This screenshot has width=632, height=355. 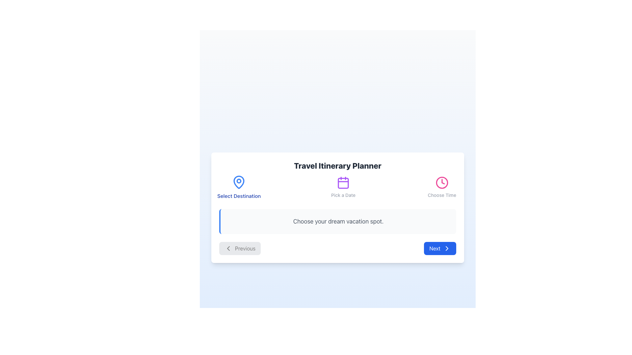 What do you see at coordinates (442, 182) in the screenshot?
I see `the circular shape element inside the pink clock icon labeled 'Choose Time', which is the third icon in the horizontal arrangement of icons` at bounding box center [442, 182].